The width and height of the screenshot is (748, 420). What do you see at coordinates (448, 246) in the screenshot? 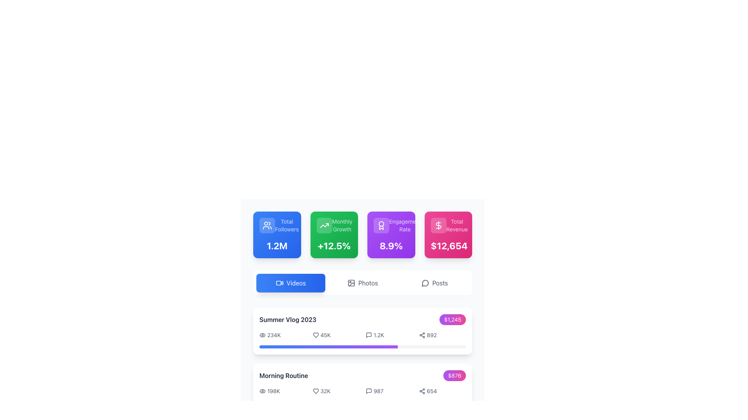
I see `the text display showing '$12,654' in bold white font, located at the bottom of the fourth card on the dashboard interface` at bounding box center [448, 246].